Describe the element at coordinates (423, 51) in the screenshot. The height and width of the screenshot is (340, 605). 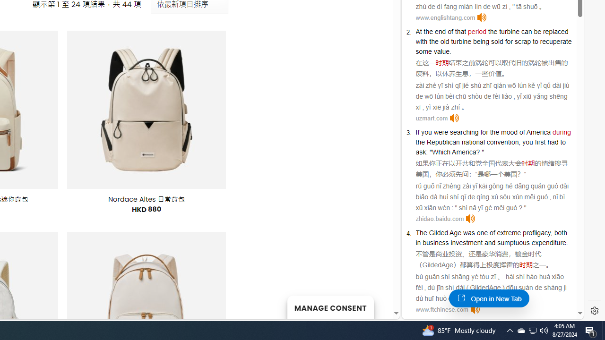
I see `'some'` at that location.